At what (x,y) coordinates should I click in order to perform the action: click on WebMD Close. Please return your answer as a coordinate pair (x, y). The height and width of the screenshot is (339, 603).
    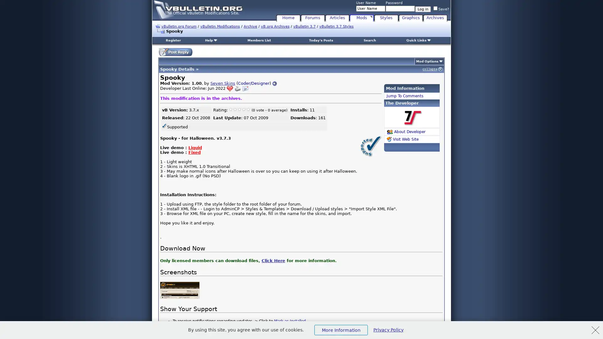
    Looking at the image, I should click on (595, 330).